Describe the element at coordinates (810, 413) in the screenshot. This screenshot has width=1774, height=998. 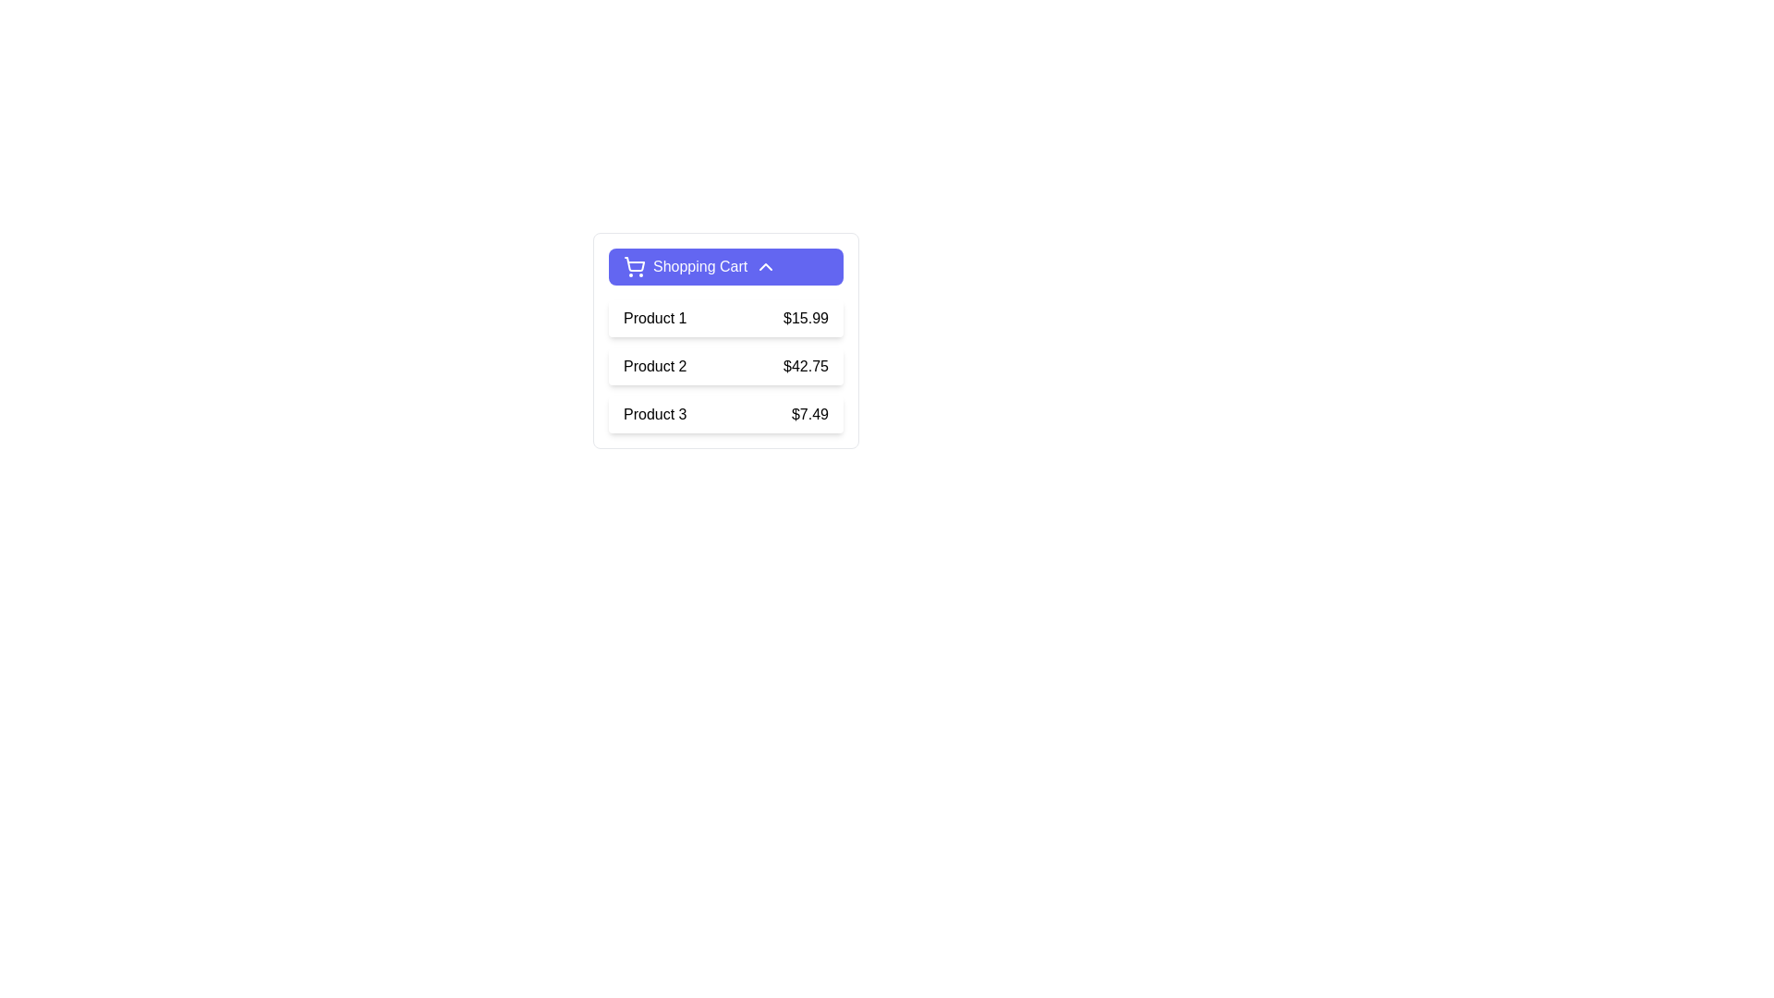
I see `price displayed in the static text element located to the right of 'Product 3' in the shopping cart` at that location.